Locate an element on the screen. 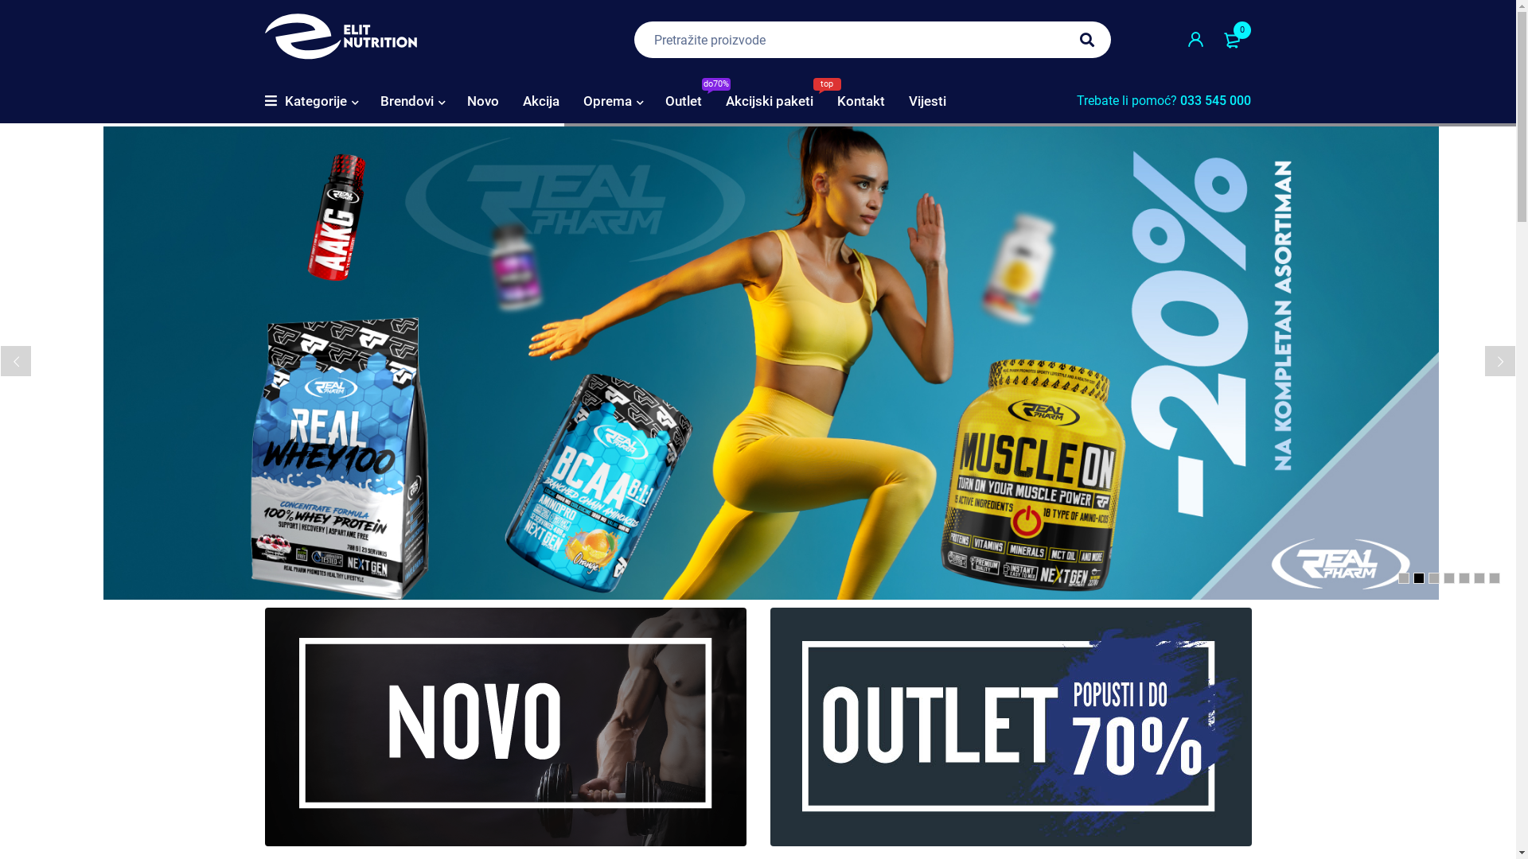 The width and height of the screenshot is (1528, 859). 'Akcija' is located at coordinates (522, 101).